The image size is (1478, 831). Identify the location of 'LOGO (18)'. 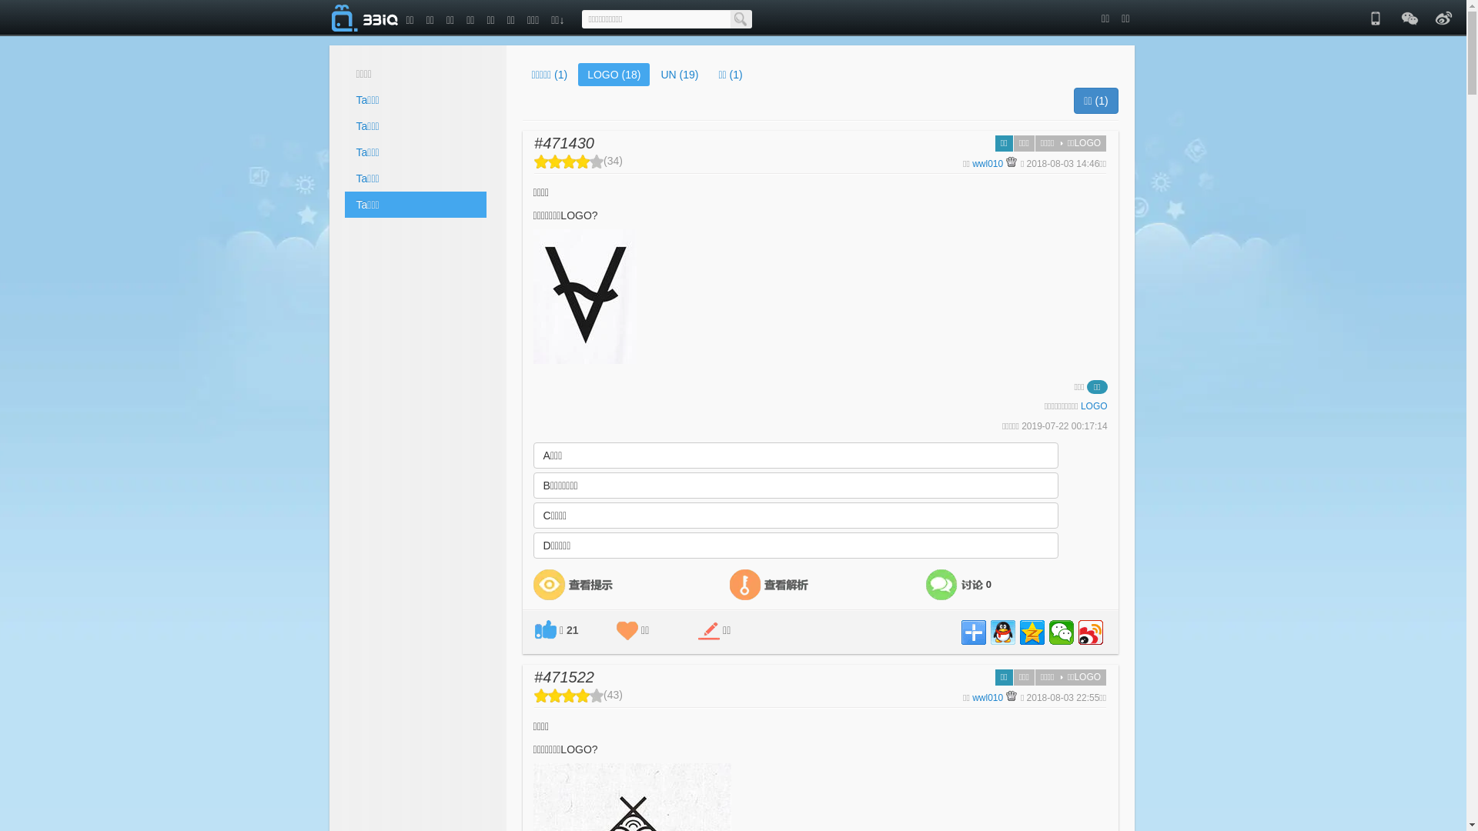
(577, 74).